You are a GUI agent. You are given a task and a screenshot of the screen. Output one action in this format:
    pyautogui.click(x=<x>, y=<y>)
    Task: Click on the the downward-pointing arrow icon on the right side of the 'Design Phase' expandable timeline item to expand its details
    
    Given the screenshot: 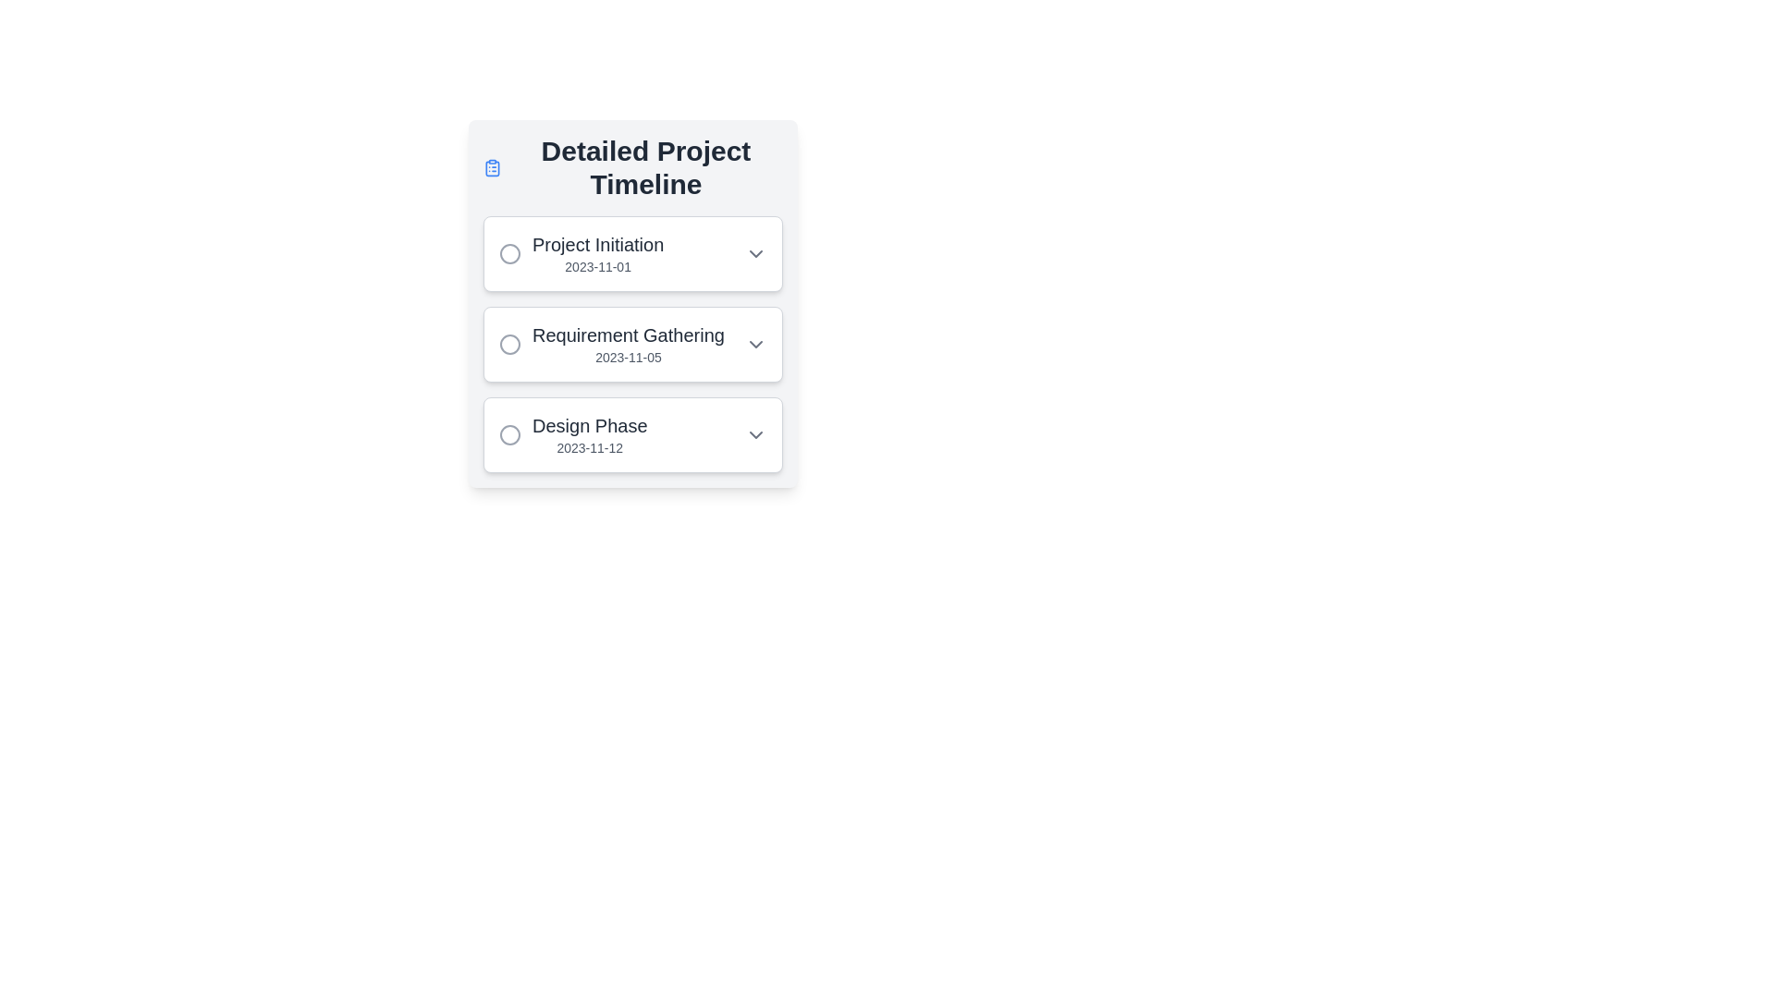 What is the action you would take?
    pyautogui.click(x=633, y=434)
    